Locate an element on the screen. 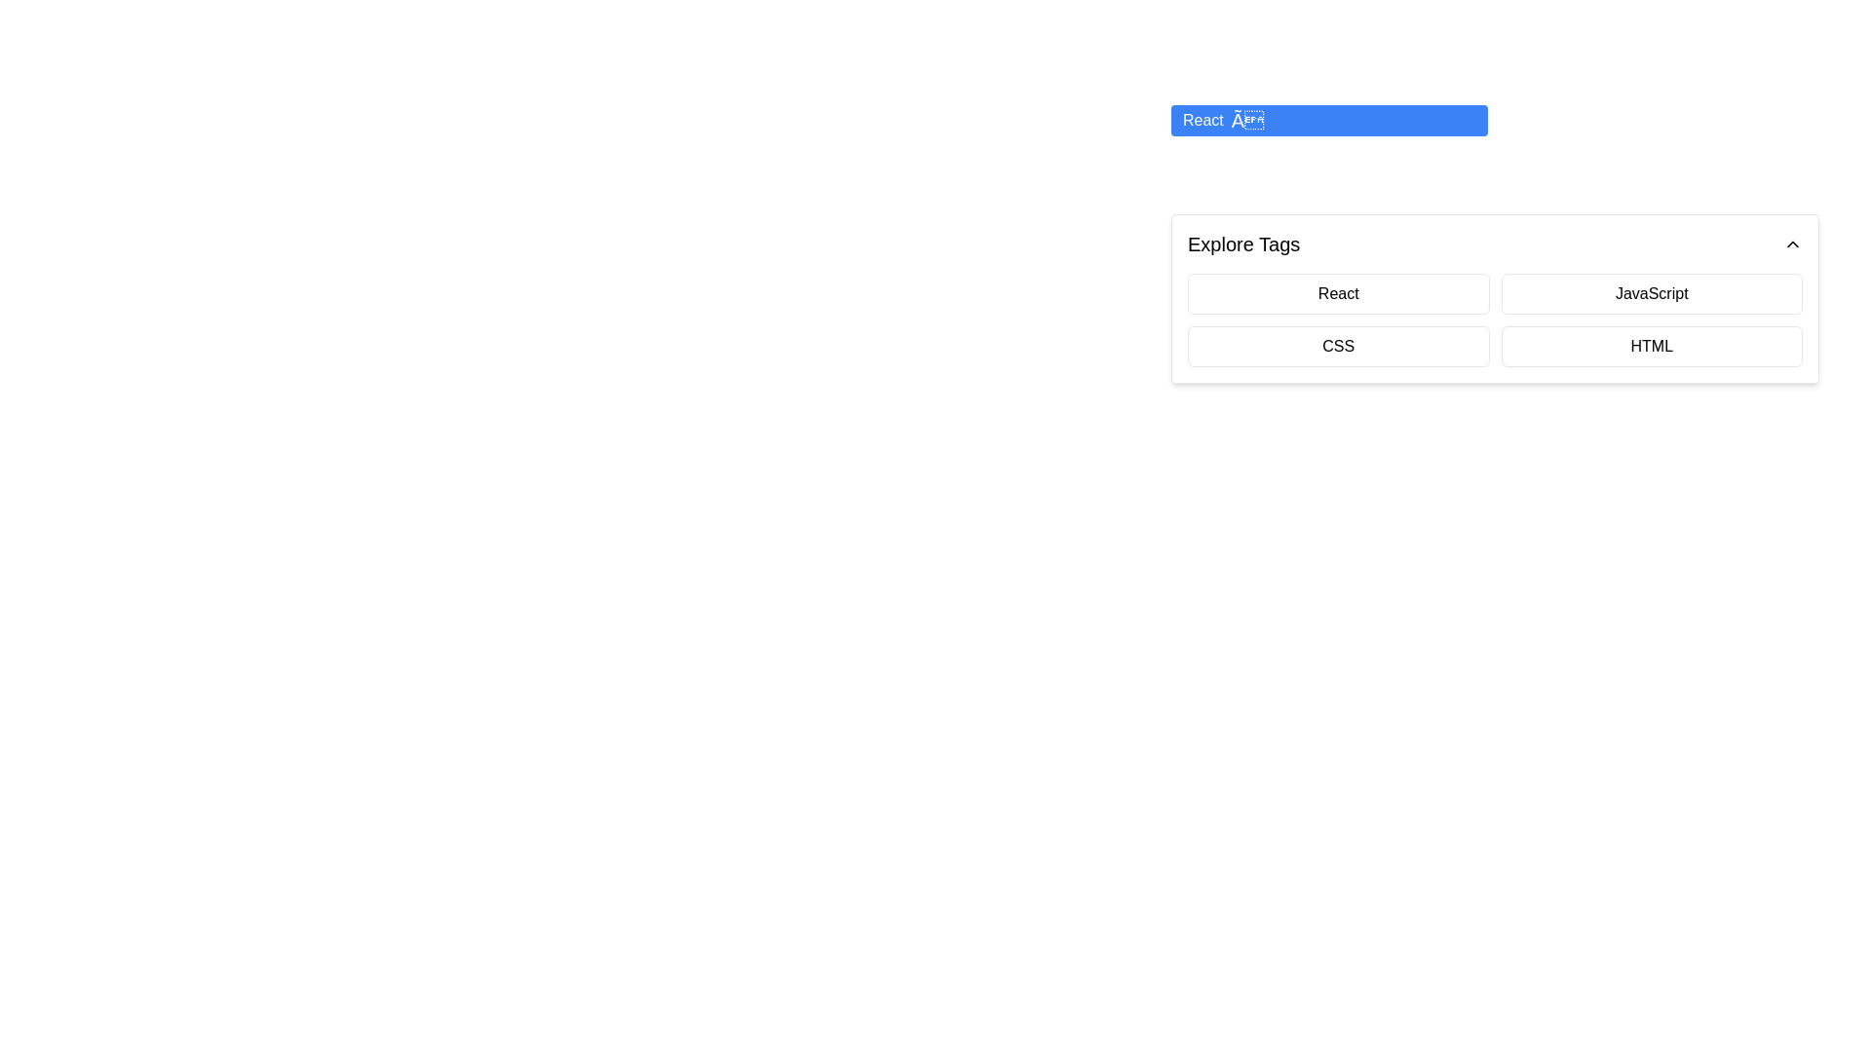  the interactive closing symbol (×) on the 'React' tag button is located at coordinates (1494, 142).